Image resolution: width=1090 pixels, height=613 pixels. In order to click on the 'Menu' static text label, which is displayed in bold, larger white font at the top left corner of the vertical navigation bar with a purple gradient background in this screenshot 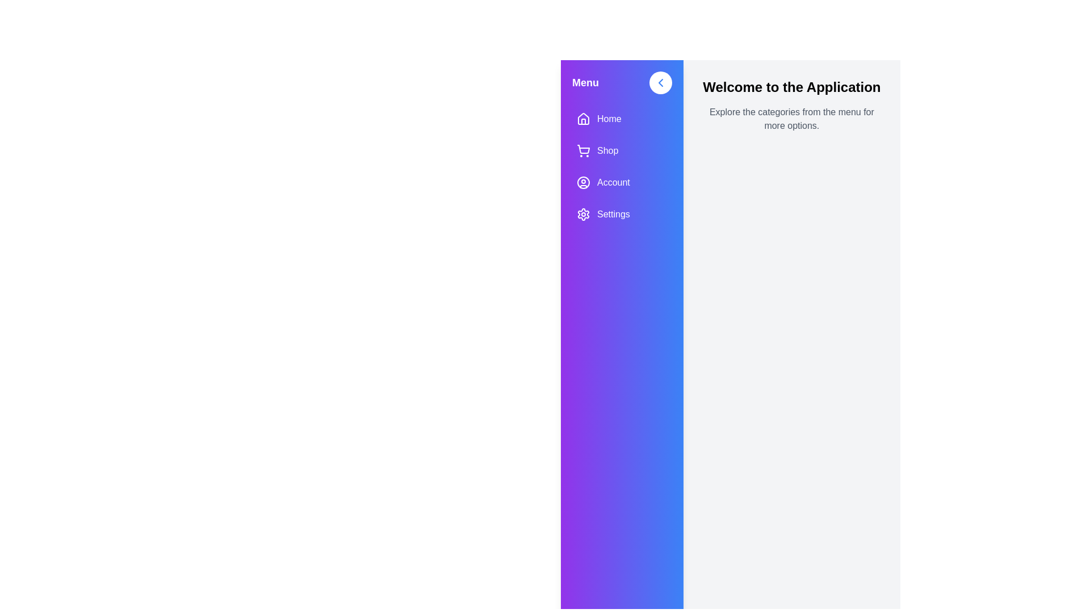, I will do `click(585, 82)`.